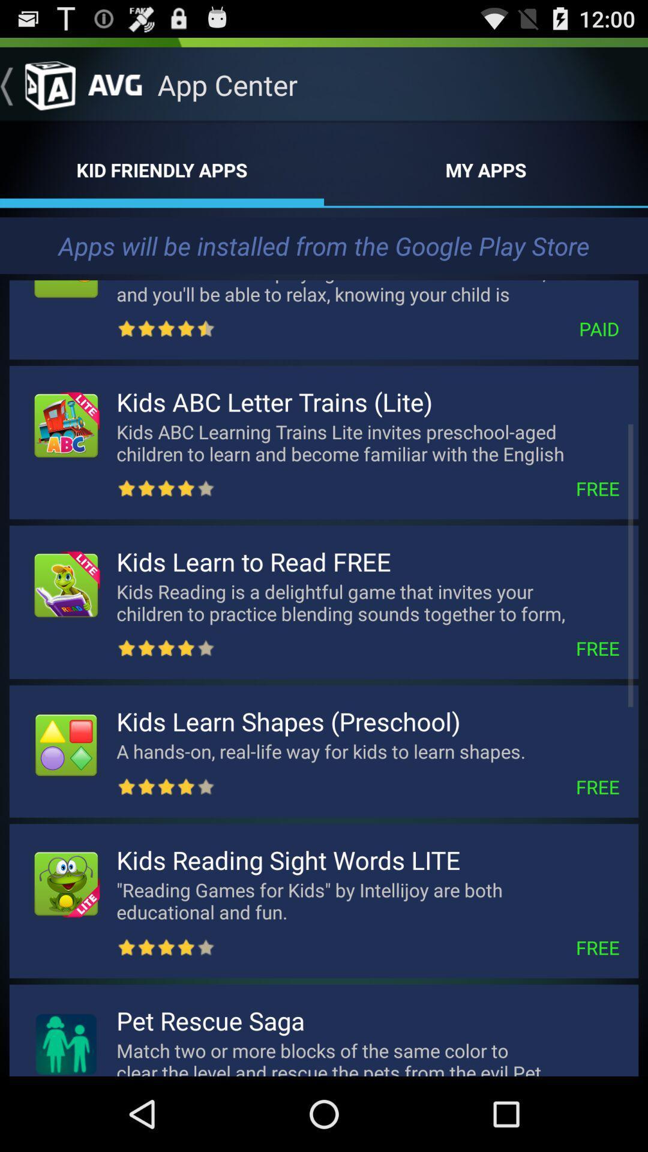 The width and height of the screenshot is (648, 1152). I want to click on the item above the kid friendly apps app, so click(37, 84).